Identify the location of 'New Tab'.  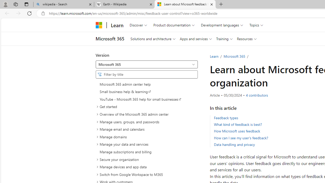
(221, 4).